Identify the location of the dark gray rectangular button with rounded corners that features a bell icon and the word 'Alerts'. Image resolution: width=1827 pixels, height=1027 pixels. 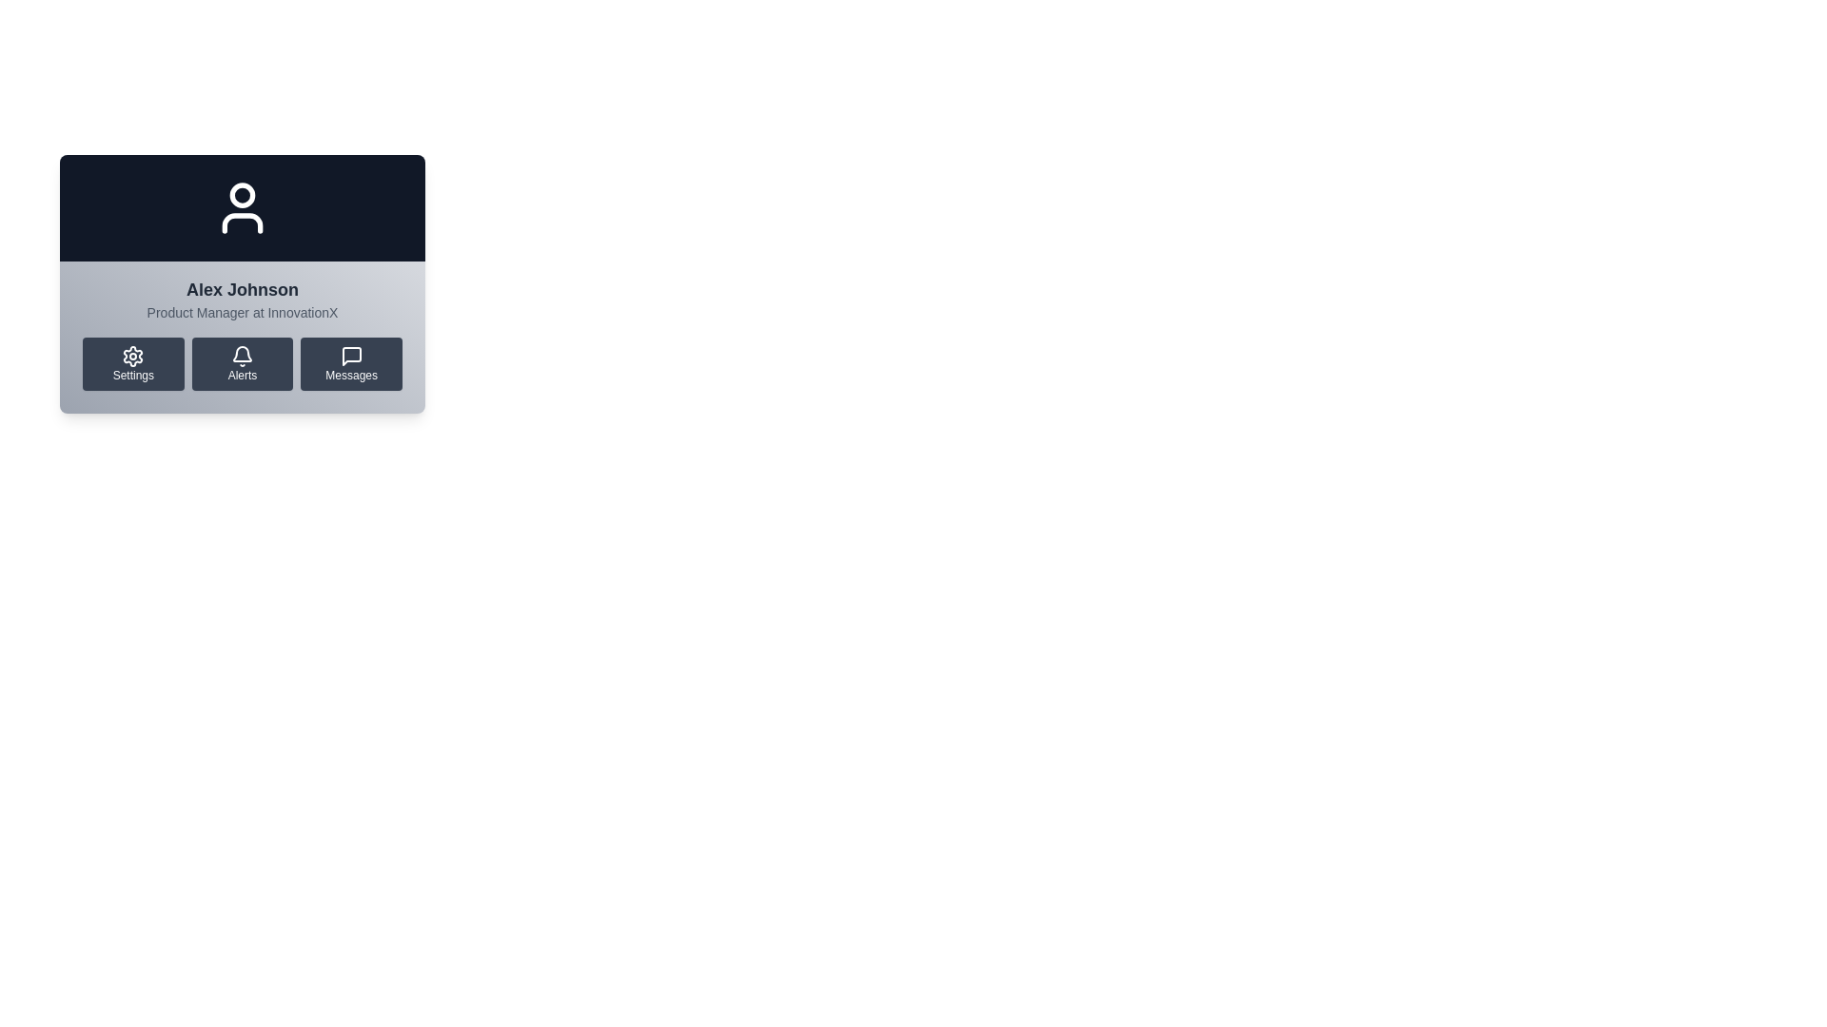
(241, 363).